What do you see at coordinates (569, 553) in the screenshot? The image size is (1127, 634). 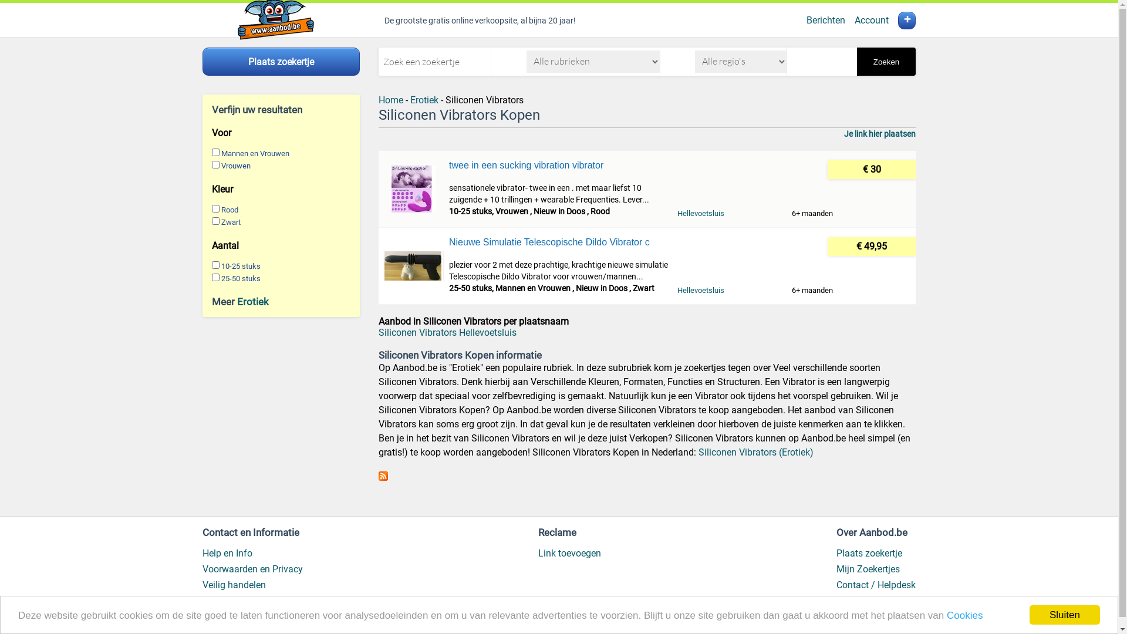 I see `'Link toevoegen'` at bounding box center [569, 553].